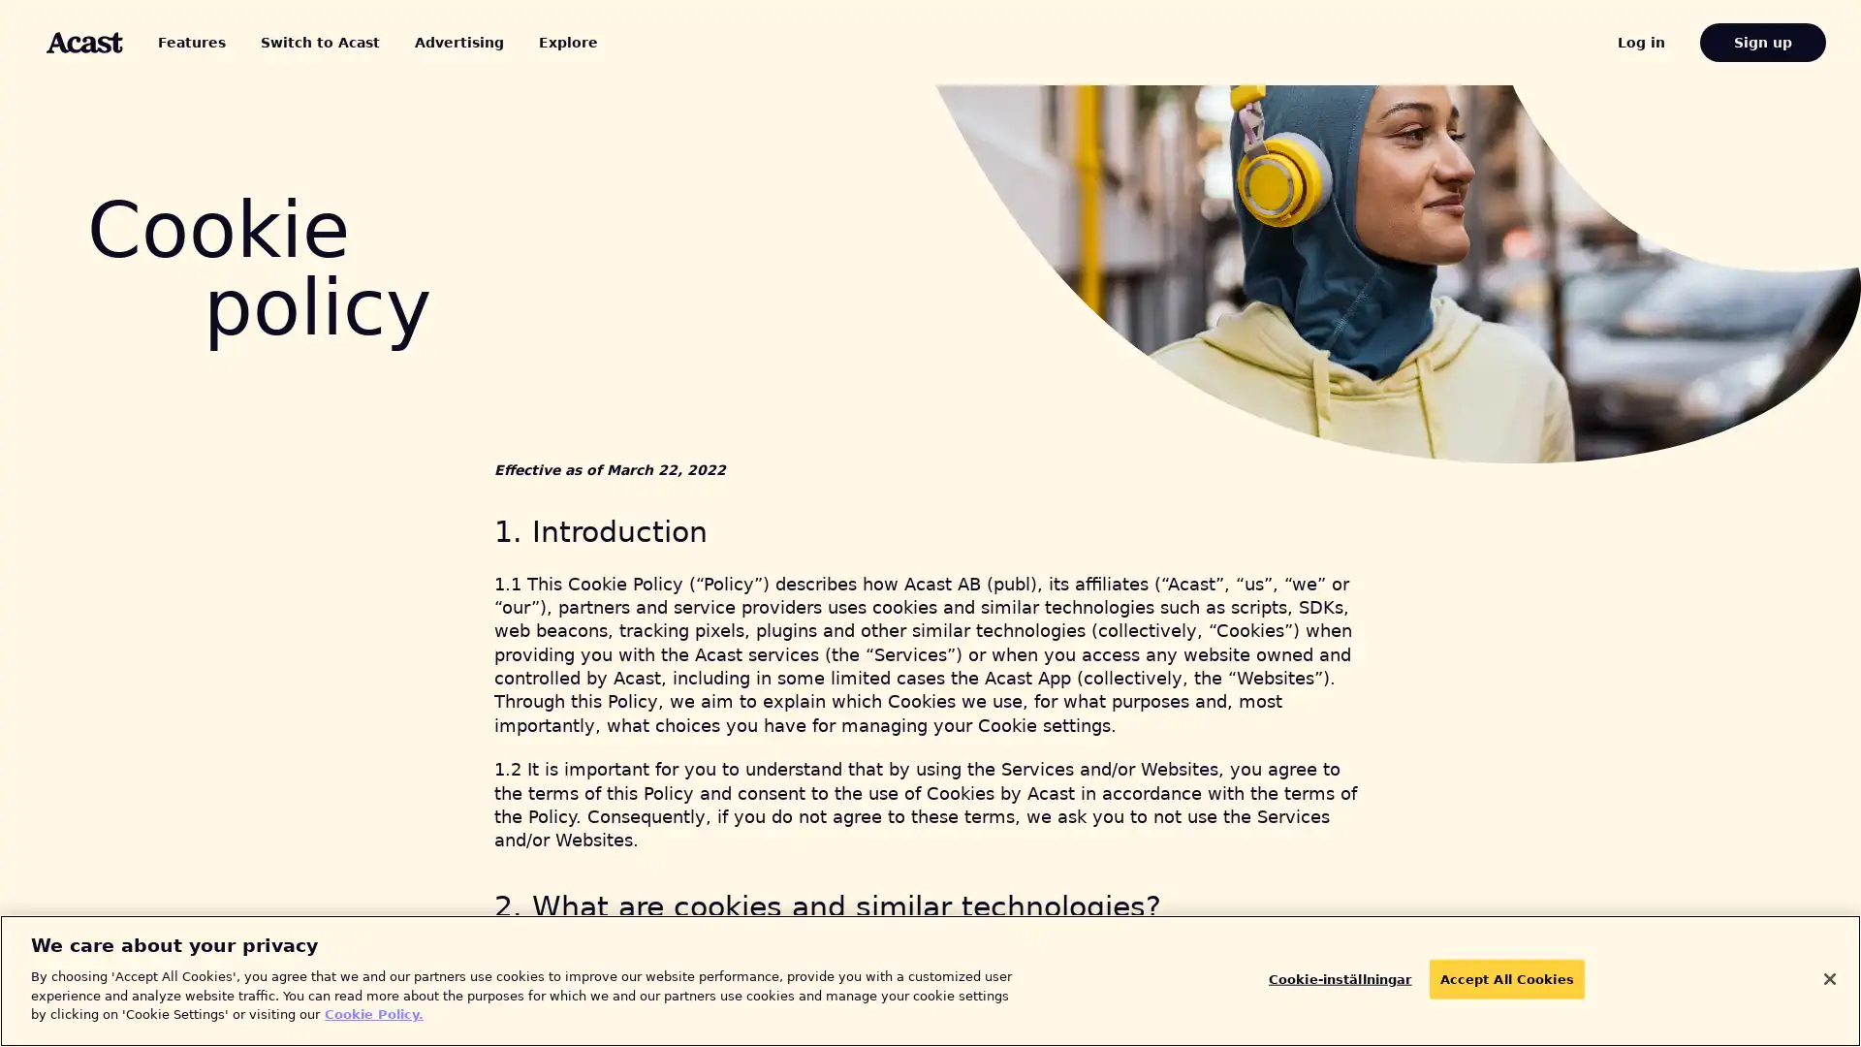  I want to click on Accept All Cookies, so click(1494, 979).